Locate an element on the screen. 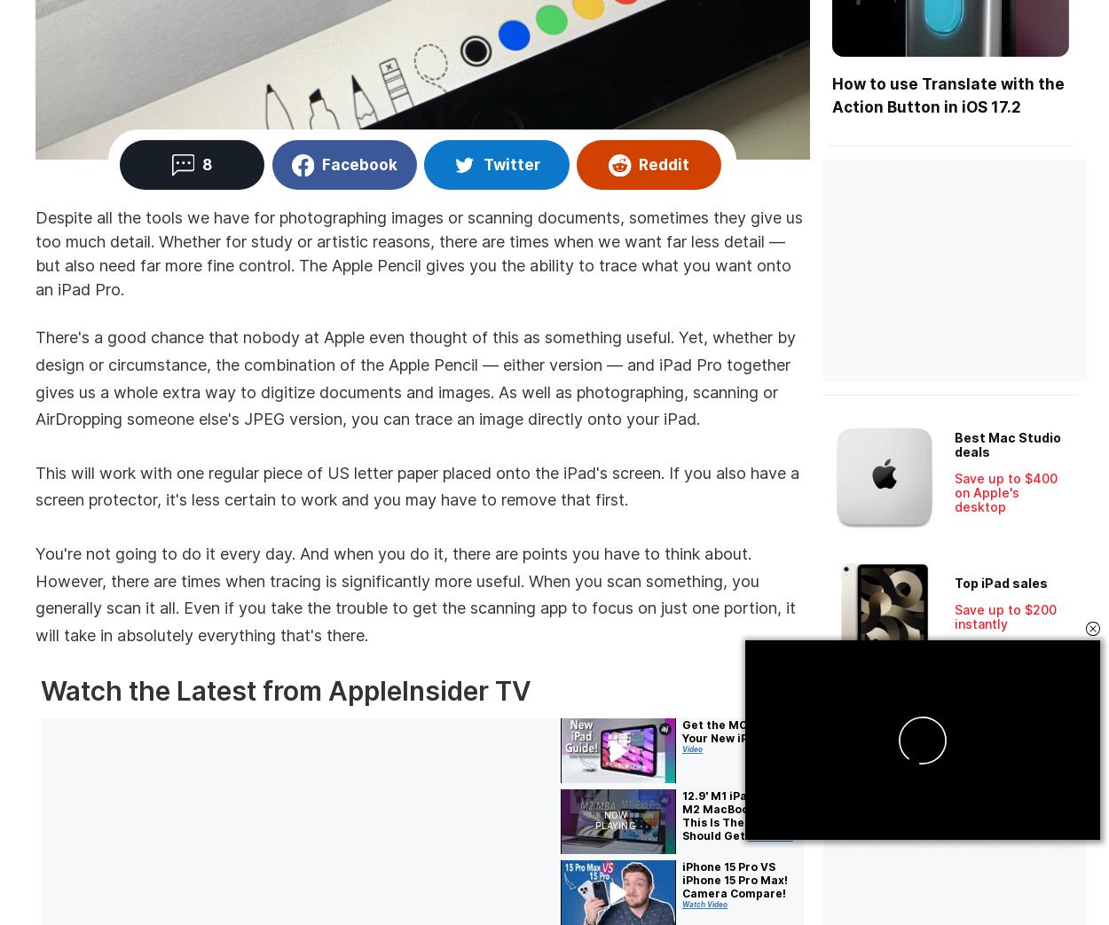 This screenshot has height=925, width=1109. 'Save up to $400 on Apple's desktop' is located at coordinates (1006, 491).